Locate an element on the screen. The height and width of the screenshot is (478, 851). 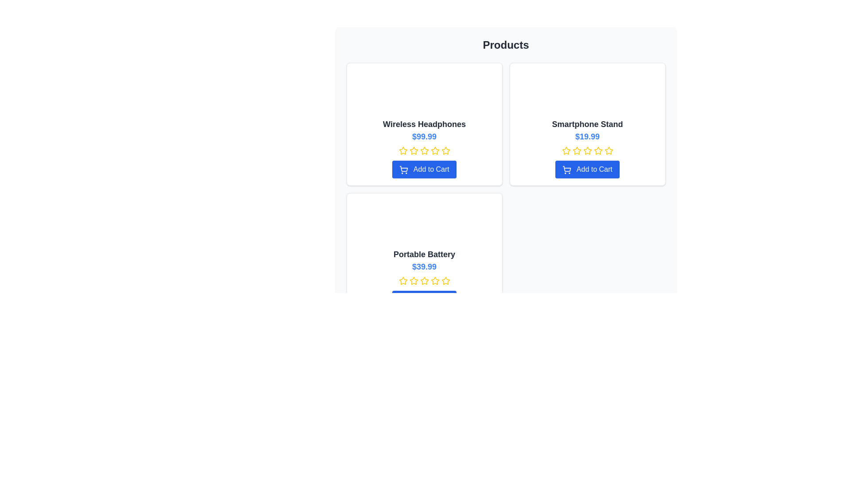
the fifth yellow outlined star icon in the rating section under the Smartphone Stand product card located in the top-right of the product grid is located at coordinates (598, 150).